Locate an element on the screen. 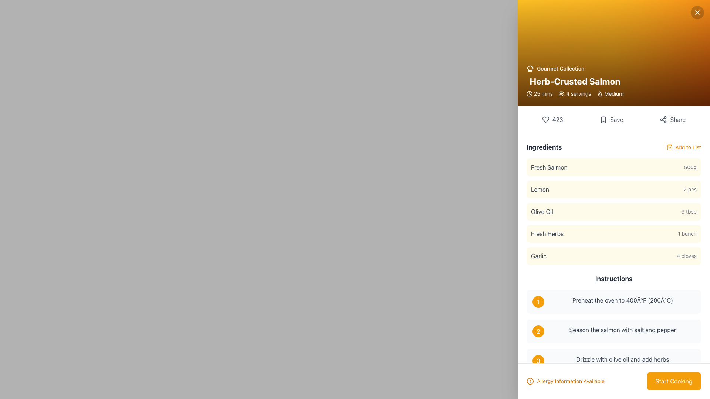 This screenshot has width=710, height=399. the 'Save' text label, which is part of an interactive button-like component that includes a bookmark icon to its left and a 'Share' button to its right, located near the center-right of the toolbar is located at coordinates (616, 119).